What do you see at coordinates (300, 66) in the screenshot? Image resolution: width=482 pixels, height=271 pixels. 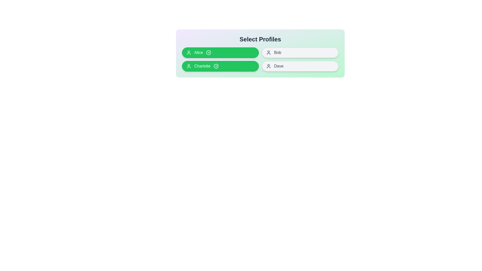 I see `the profile named Dave` at bounding box center [300, 66].